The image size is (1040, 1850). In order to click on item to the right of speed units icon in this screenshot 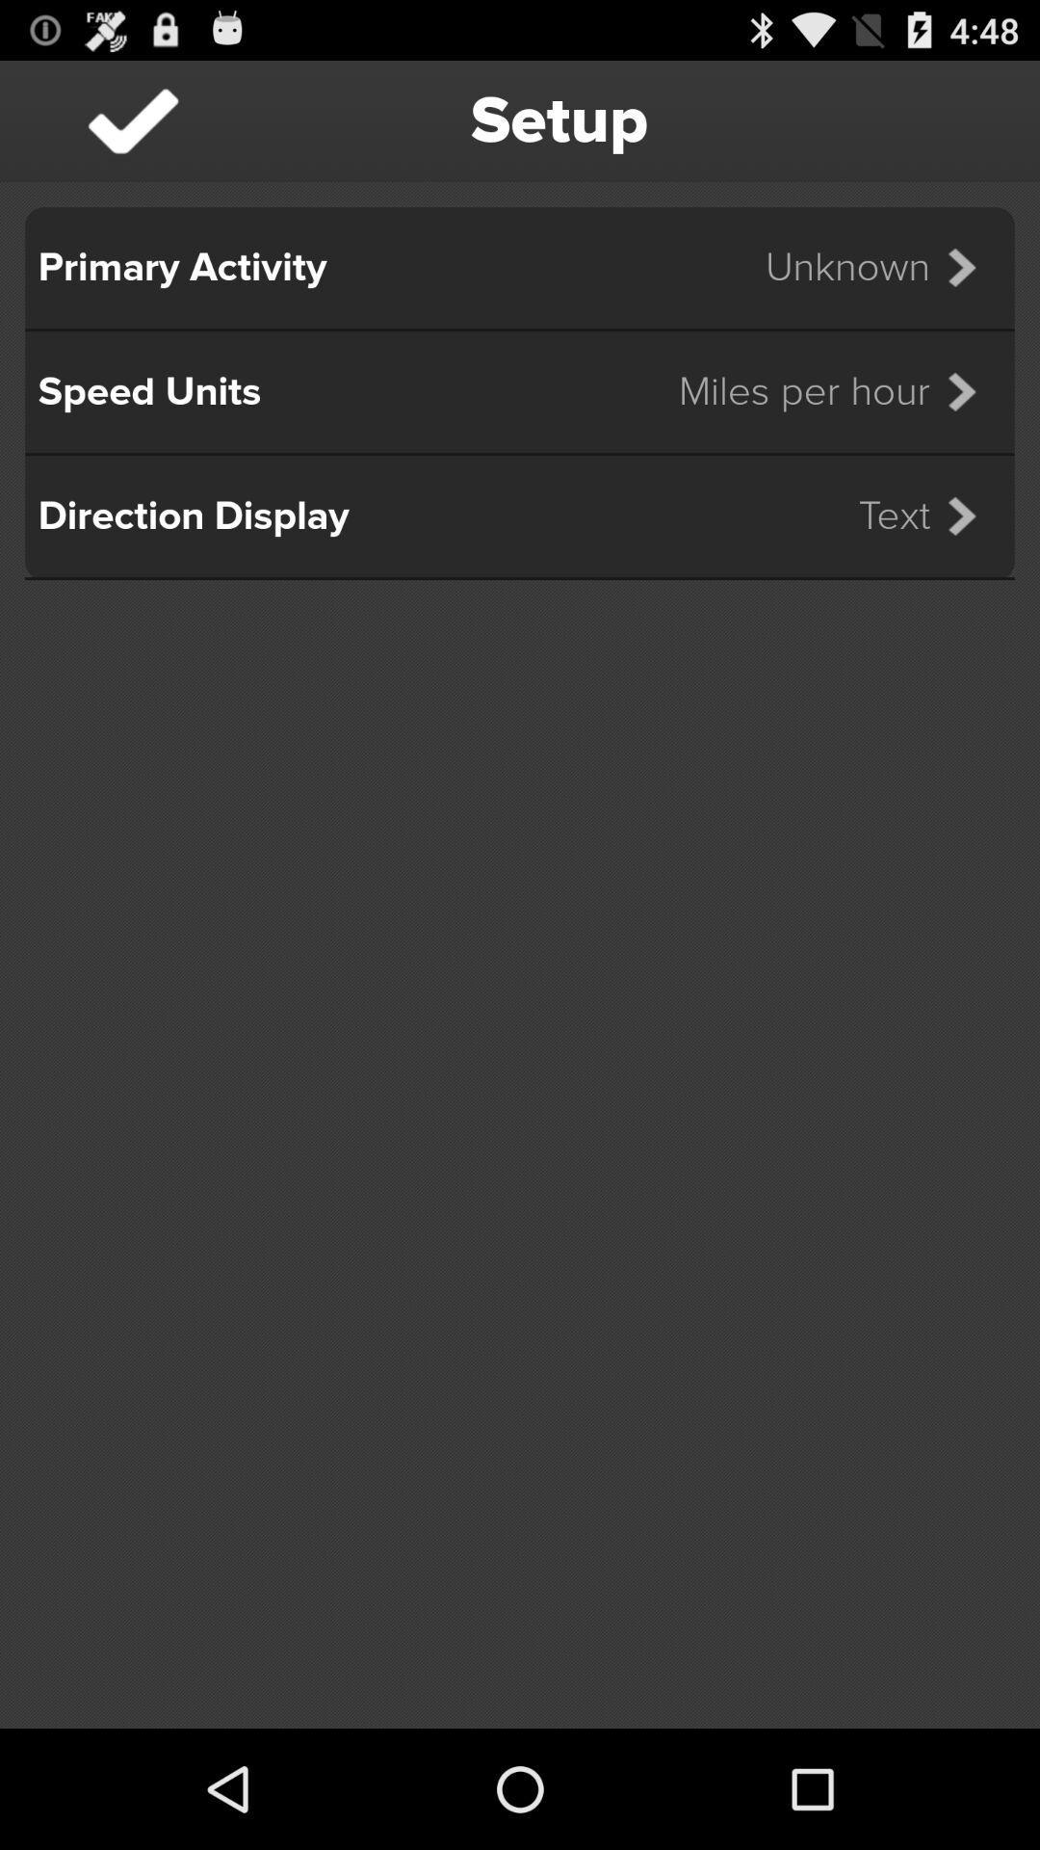, I will do `click(839, 391)`.